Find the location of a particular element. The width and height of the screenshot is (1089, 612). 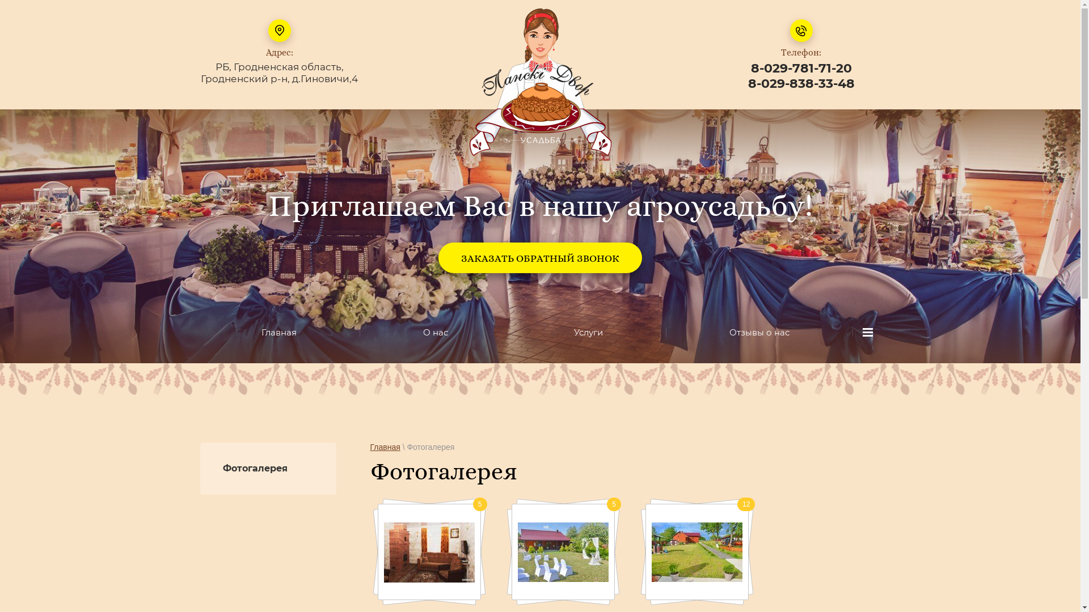

'...' is located at coordinates (867, 331).